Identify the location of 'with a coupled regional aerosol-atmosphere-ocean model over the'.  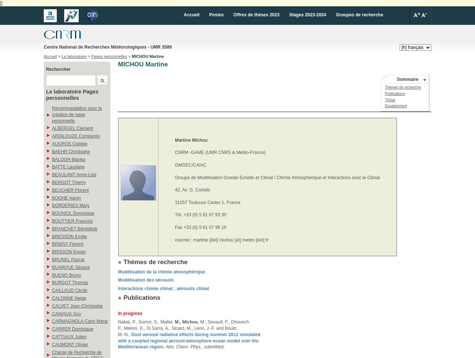
(188, 340).